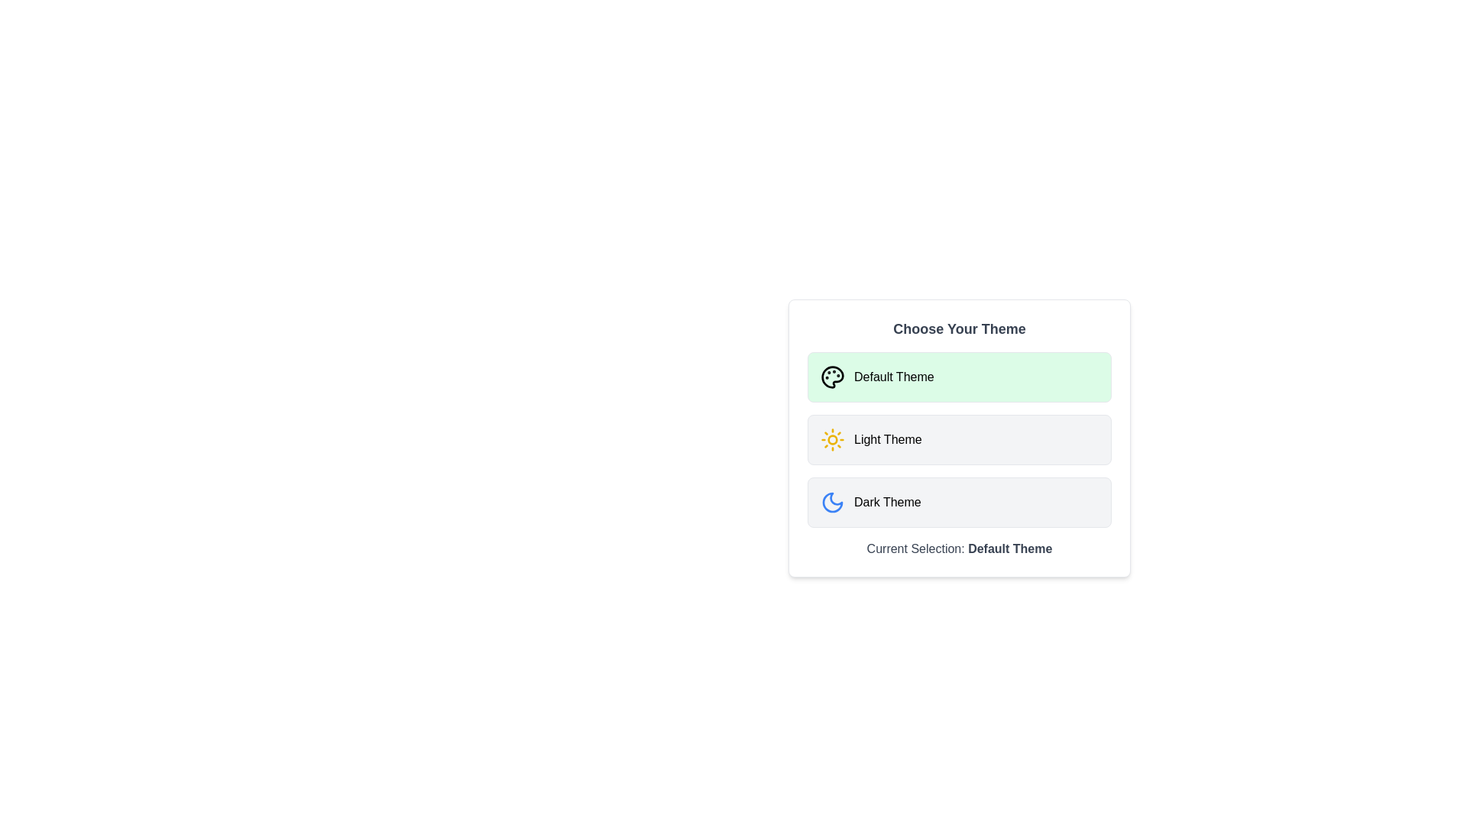  I want to click on the icon for the Dark theme, so click(831, 503).